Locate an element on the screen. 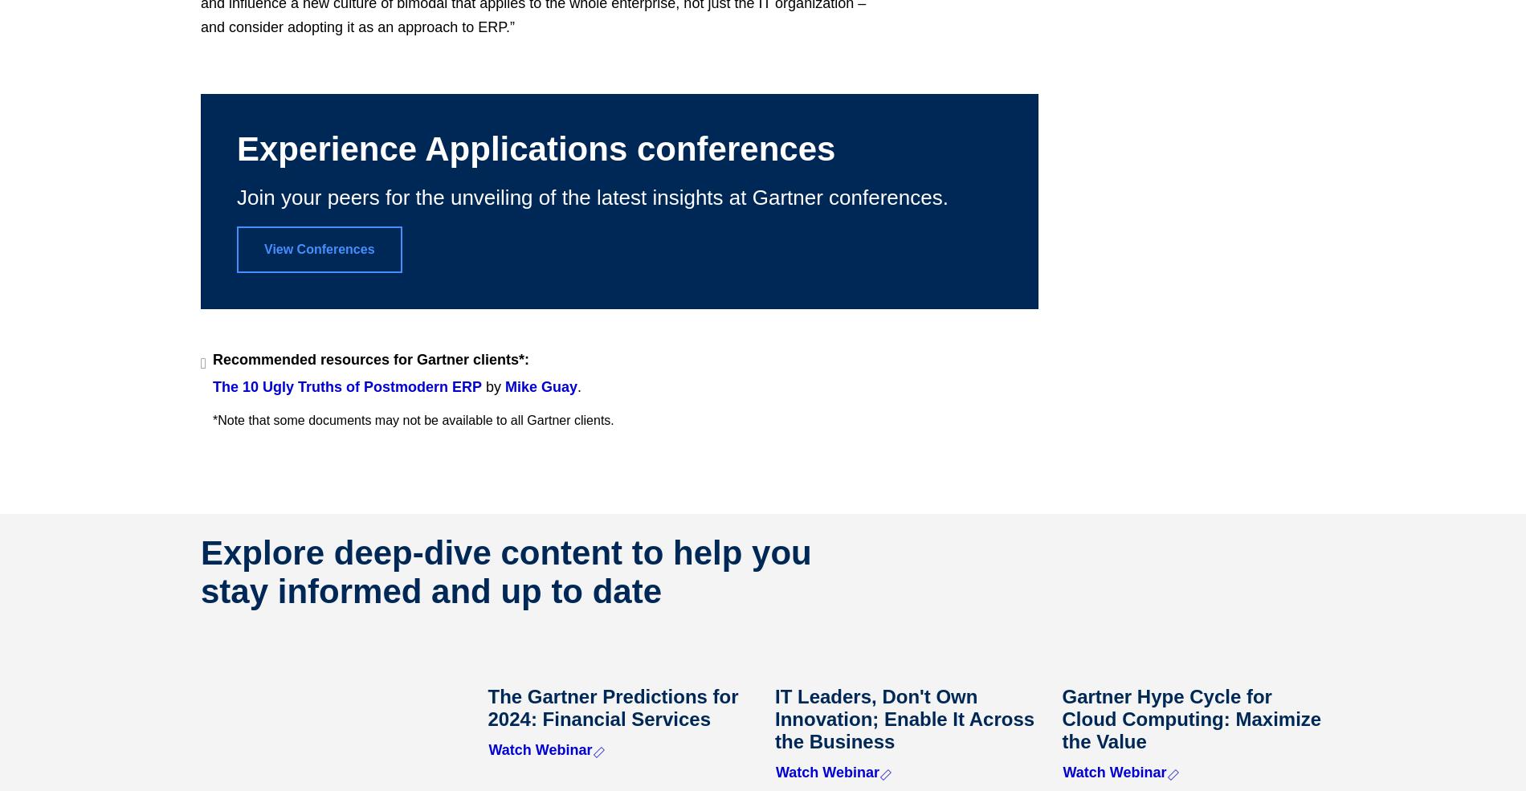 This screenshot has height=791, width=1526. 'Gartner Hype Cycle for Cloud Computing: Maximize the Value' is located at coordinates (1191, 719).